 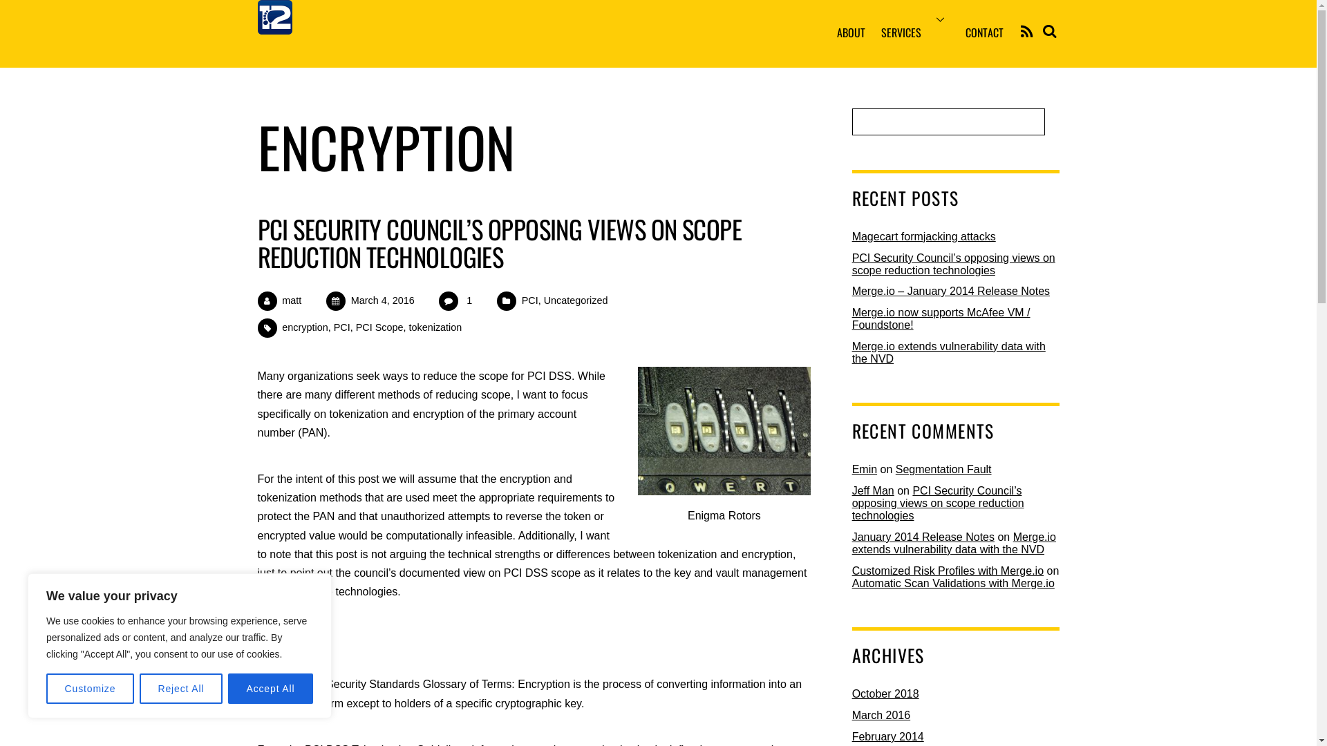 I want to click on 'ABOUT', so click(x=849, y=33).